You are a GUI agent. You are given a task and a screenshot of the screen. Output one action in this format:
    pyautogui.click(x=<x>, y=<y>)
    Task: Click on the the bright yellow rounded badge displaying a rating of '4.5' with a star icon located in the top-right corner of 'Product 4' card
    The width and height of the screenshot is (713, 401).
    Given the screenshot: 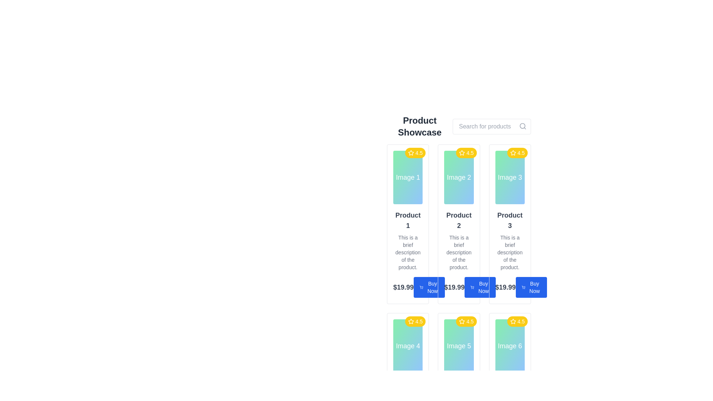 What is the action you would take?
    pyautogui.click(x=415, y=321)
    